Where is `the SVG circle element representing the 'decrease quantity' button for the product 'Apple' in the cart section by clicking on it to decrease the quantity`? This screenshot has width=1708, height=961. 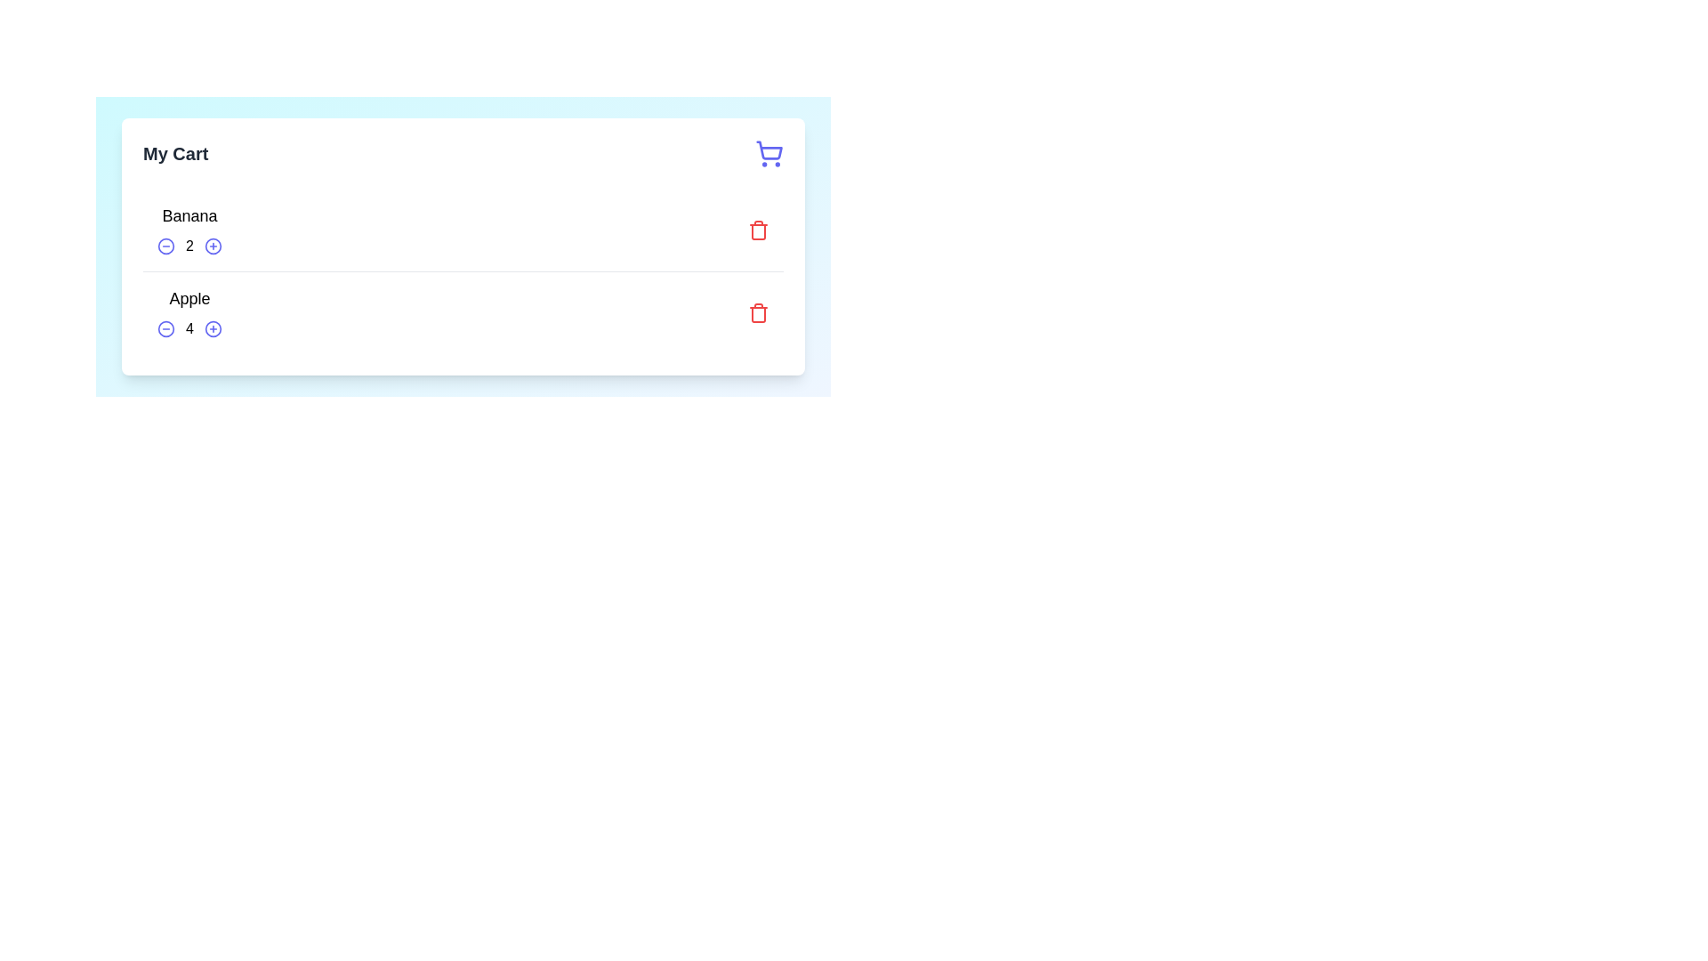
the SVG circle element representing the 'decrease quantity' button for the product 'Apple' in the cart section by clicking on it to decrease the quantity is located at coordinates (166, 329).